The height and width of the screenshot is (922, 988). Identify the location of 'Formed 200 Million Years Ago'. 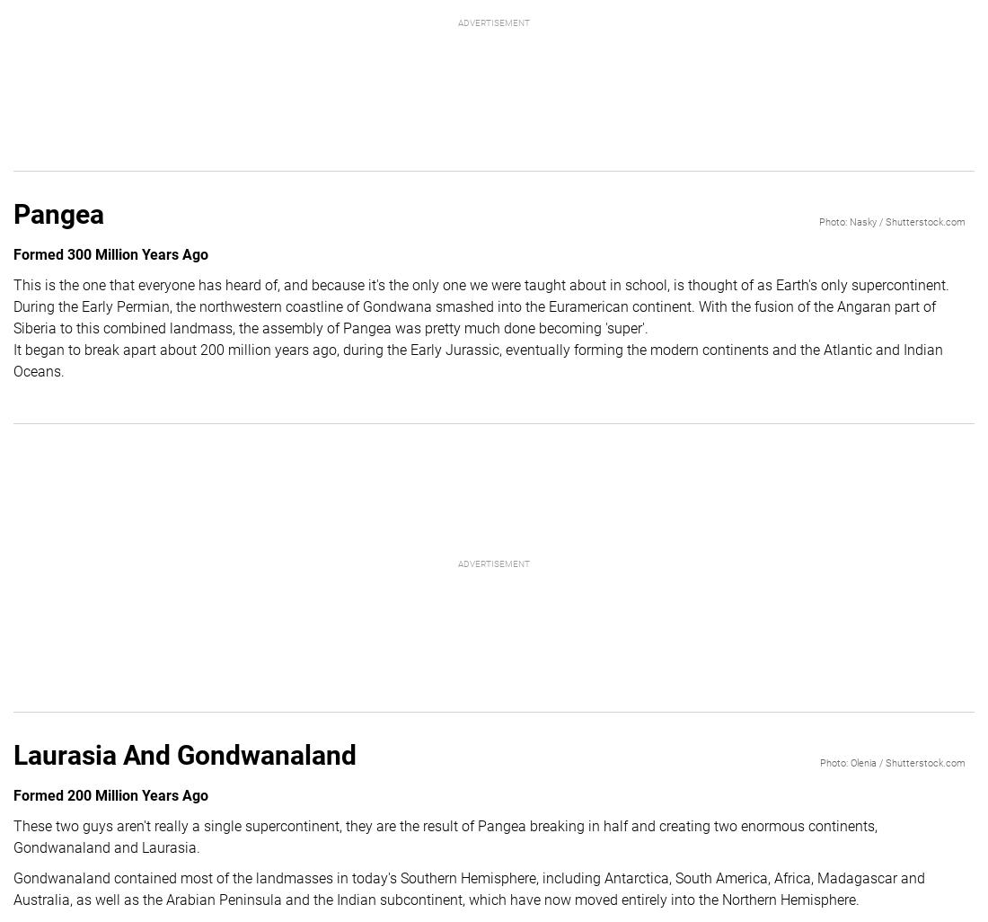
(110, 793).